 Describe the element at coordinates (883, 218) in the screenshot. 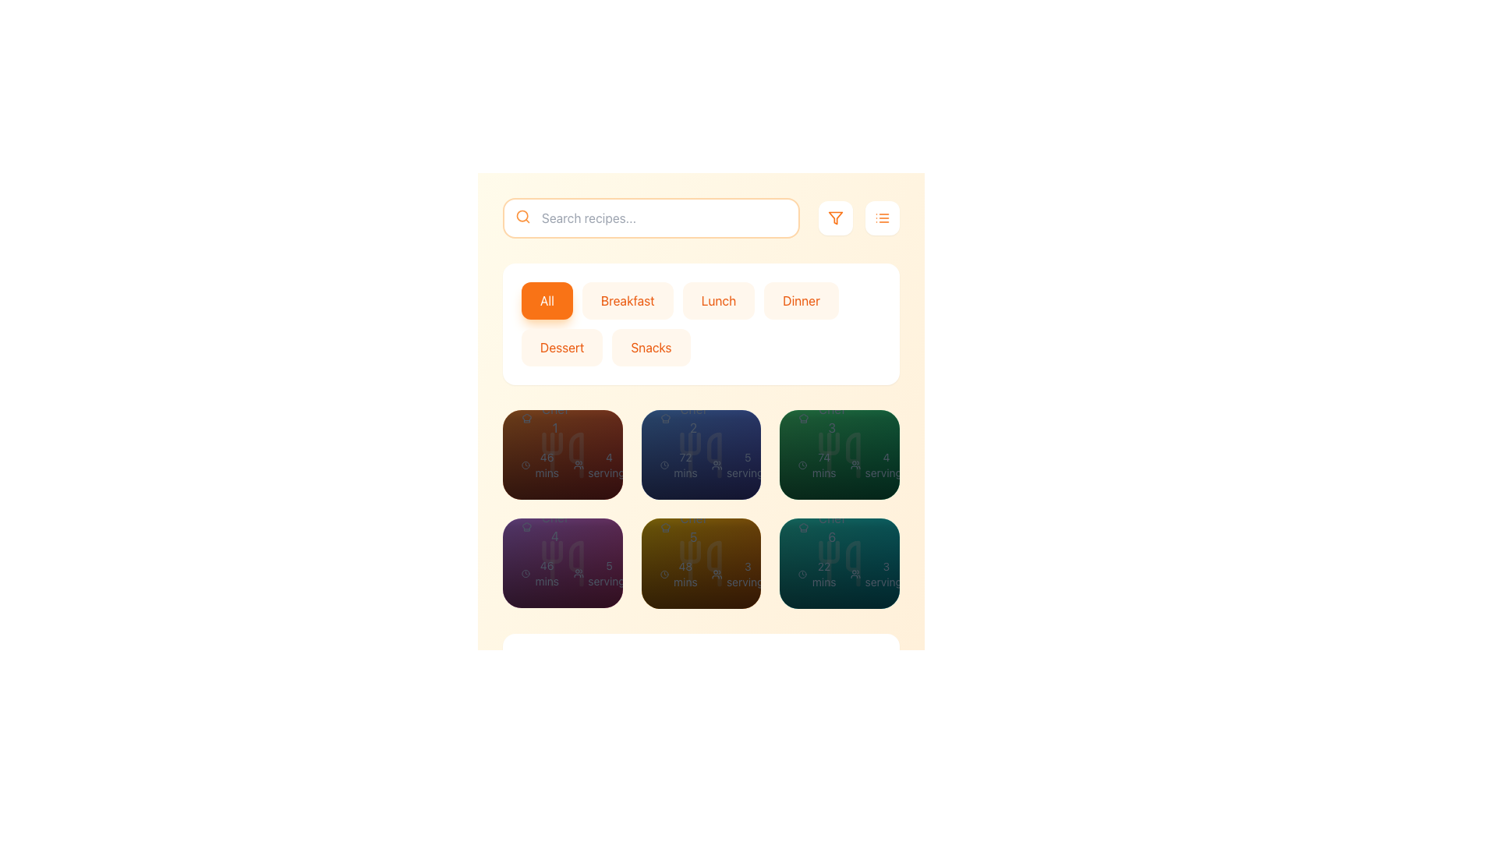

I see `the list icon button in the top-right corner of the navigation bar` at that location.